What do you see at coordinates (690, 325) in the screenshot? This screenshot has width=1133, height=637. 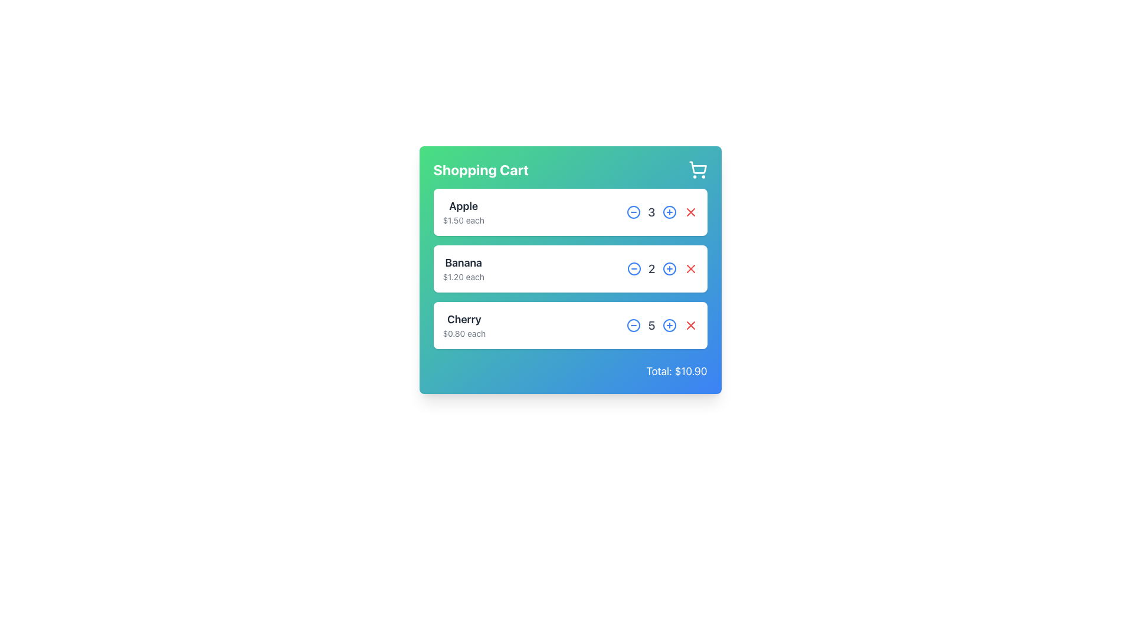 I see `the red X-shaped button for removing the Cherry item in the shopping cart` at bounding box center [690, 325].